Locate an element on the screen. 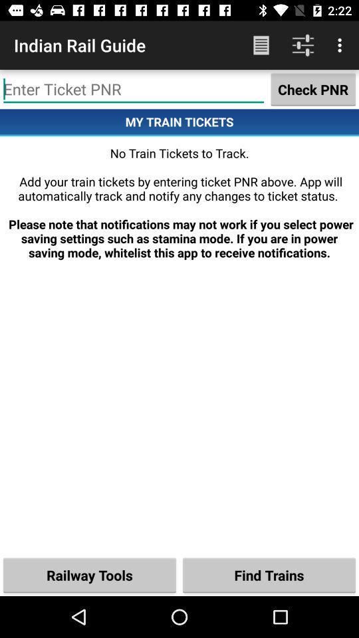  the item above my train tickets is located at coordinates (313, 88).